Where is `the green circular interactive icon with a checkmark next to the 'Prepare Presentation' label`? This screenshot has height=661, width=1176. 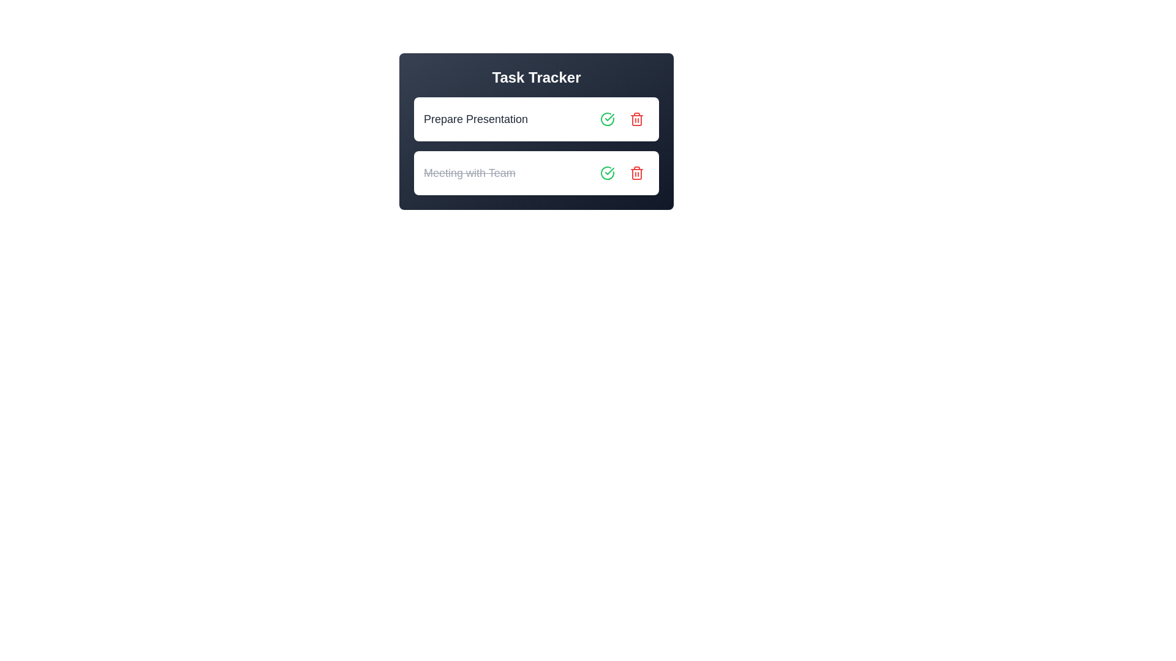 the green circular interactive icon with a checkmark next to the 'Prepare Presentation' label is located at coordinates (608, 119).